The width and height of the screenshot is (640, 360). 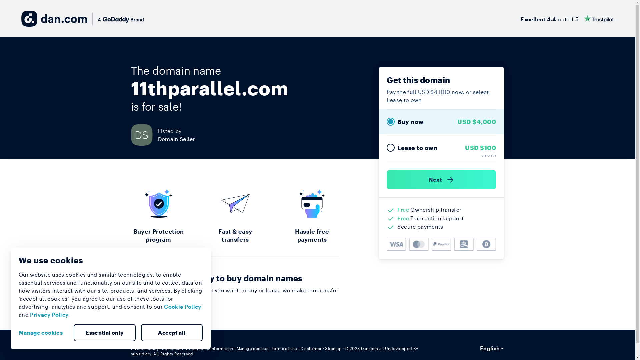 I want to click on 'Accept all', so click(x=171, y=333).